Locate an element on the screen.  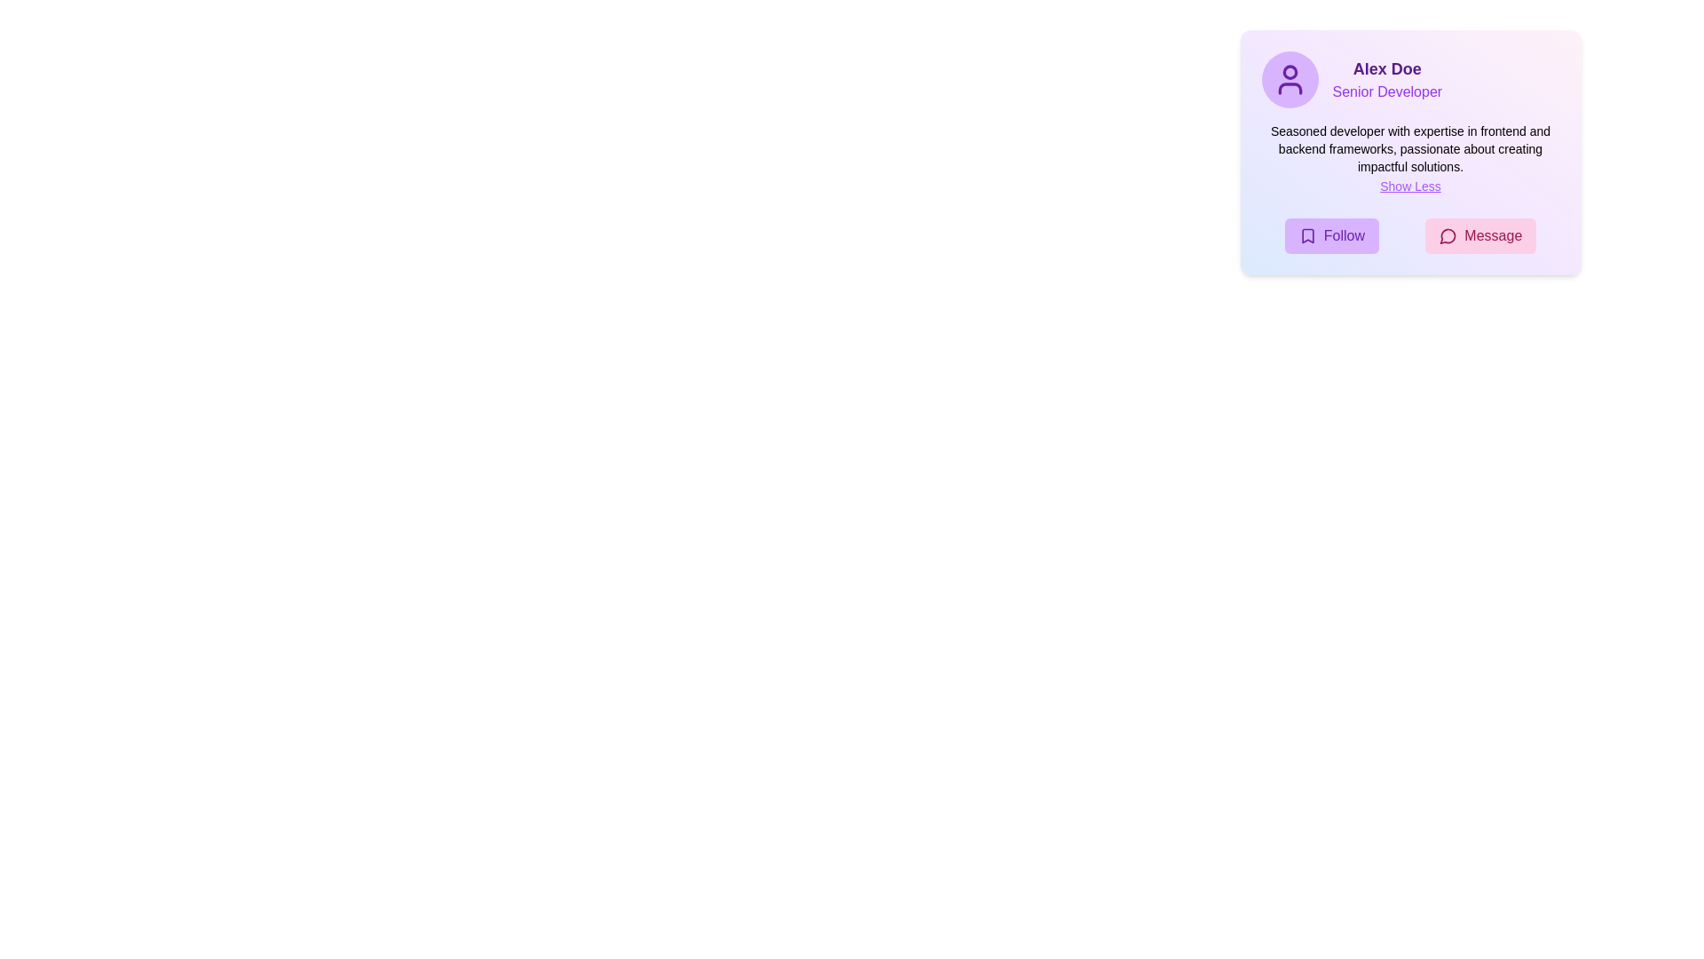
the messaging button located near the bottom-right of the card component is located at coordinates (1480, 235).